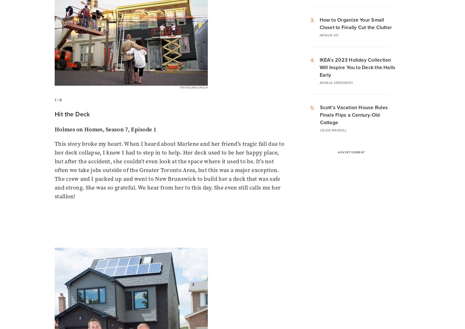 The image size is (465, 329). What do you see at coordinates (206, 217) in the screenshot?
I see `'Terms of Use'` at bounding box center [206, 217].